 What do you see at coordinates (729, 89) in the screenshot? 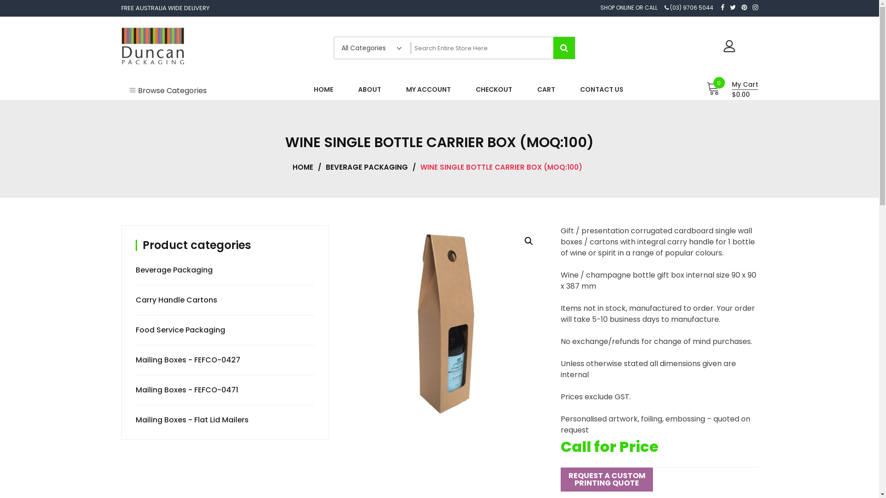
I see `'0` at bounding box center [729, 89].